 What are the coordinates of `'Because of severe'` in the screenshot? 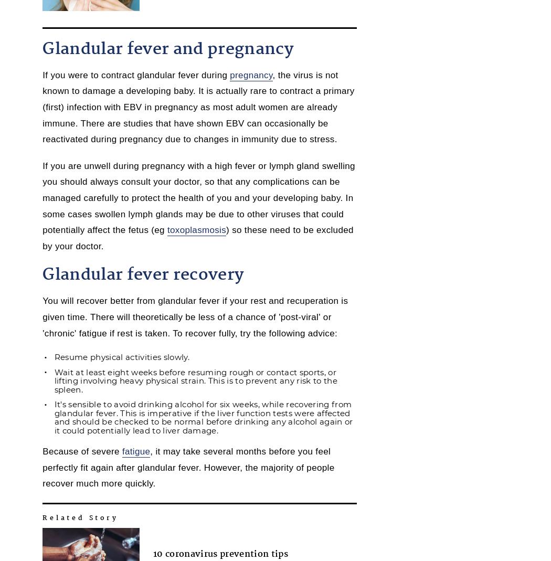 It's located at (82, 451).